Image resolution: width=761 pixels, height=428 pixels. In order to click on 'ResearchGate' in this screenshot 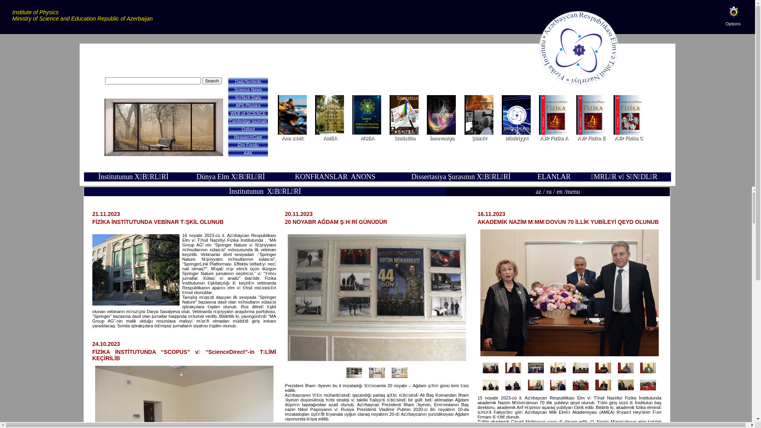, I will do `click(247, 137)`.